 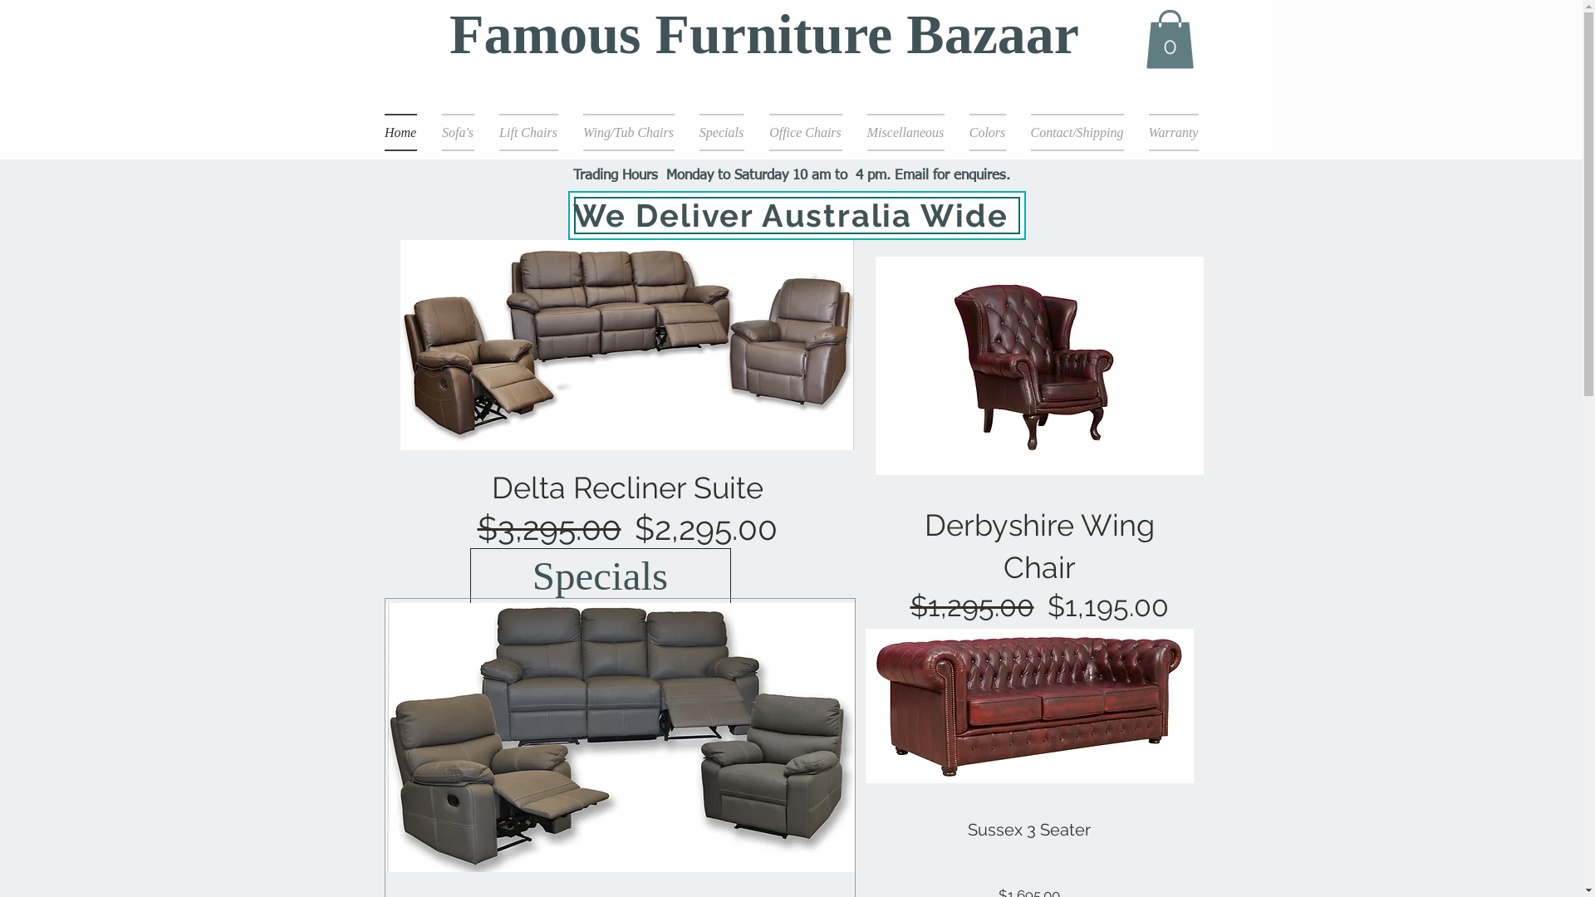 What do you see at coordinates (988, 131) in the screenshot?
I see `'Colors'` at bounding box center [988, 131].